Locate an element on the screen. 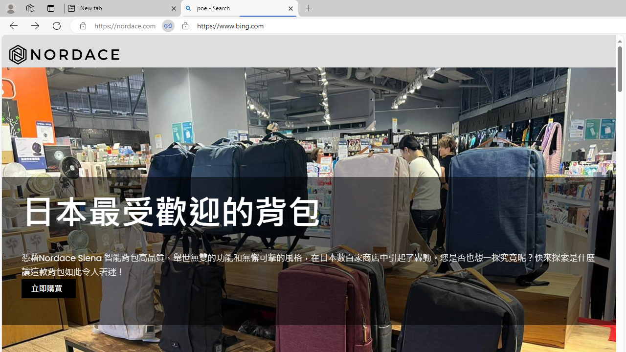 The height and width of the screenshot is (352, 626). 'Forward' is located at coordinates (35, 25).